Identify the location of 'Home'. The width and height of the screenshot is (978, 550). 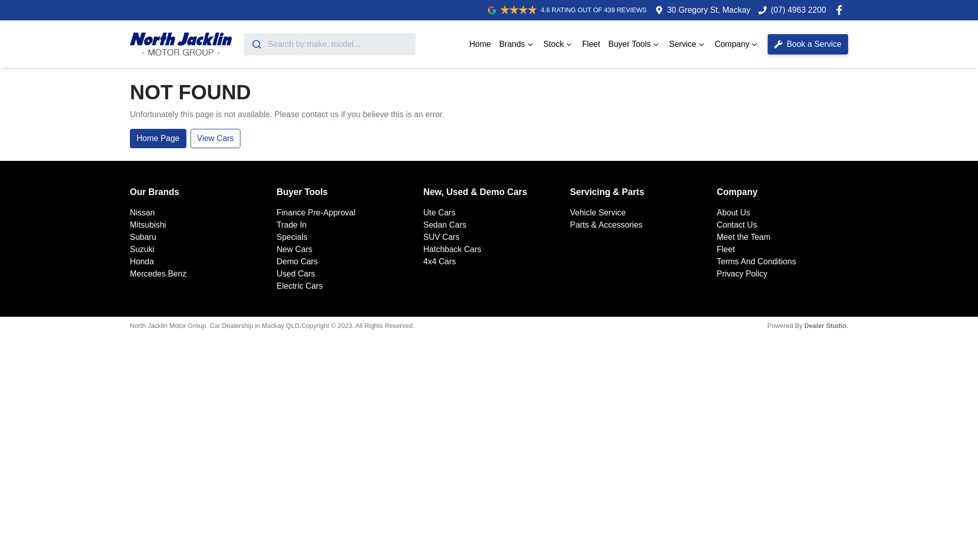
(479, 43).